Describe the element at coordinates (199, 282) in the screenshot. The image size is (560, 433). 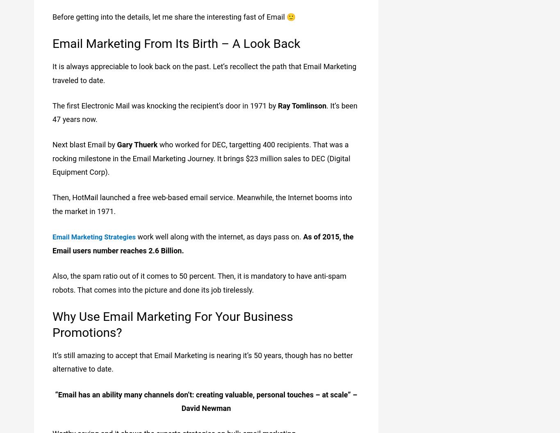
I see `'Also, the spam ratio out of it comes to 50 percent. Then, it is mandatory to have anti-spam robots. That comes into the picture and done its job tirelessly.'` at that location.